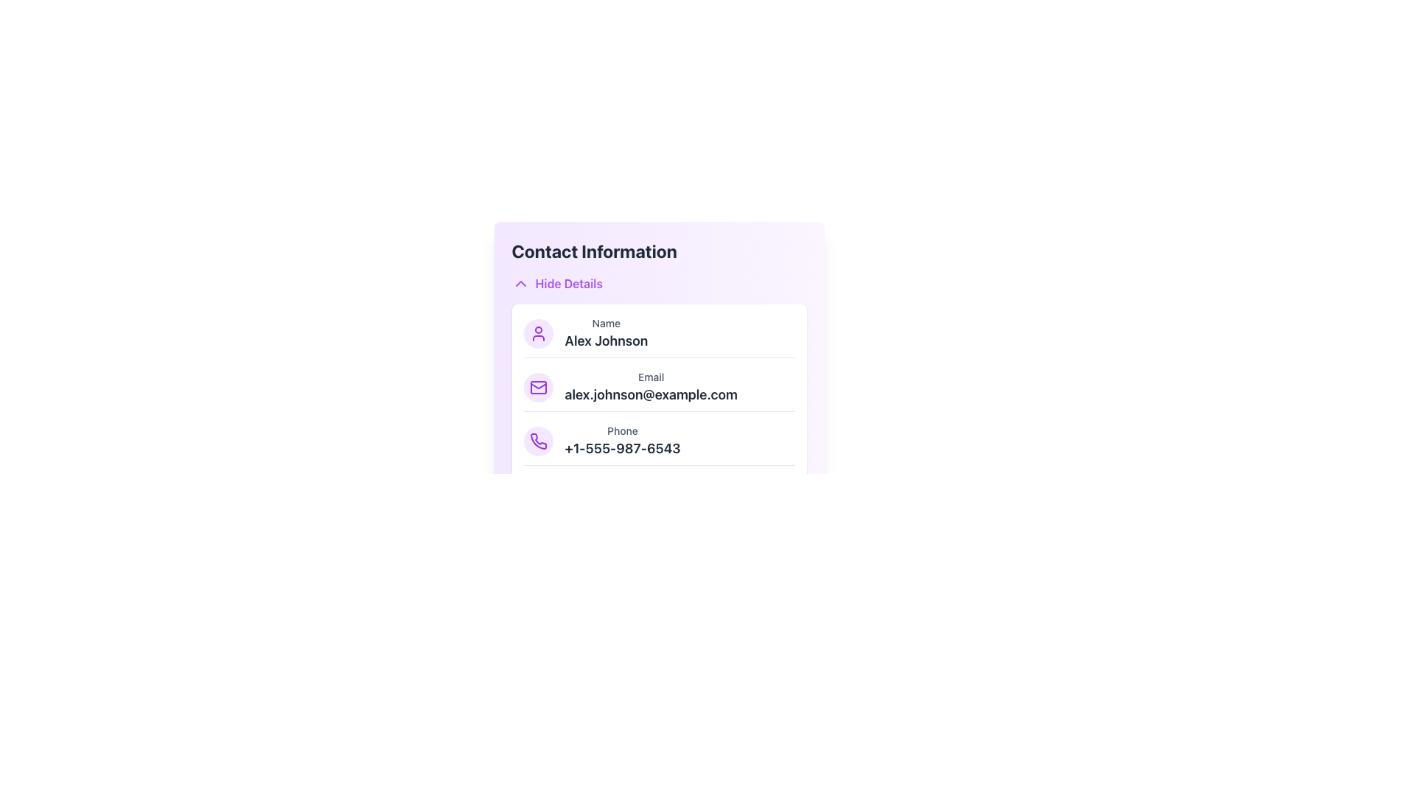  What do you see at coordinates (537, 333) in the screenshot?
I see `the user silhouette icon with a purple border and light purple background, located to the left of the 'Name' label for Alex Johnson` at bounding box center [537, 333].